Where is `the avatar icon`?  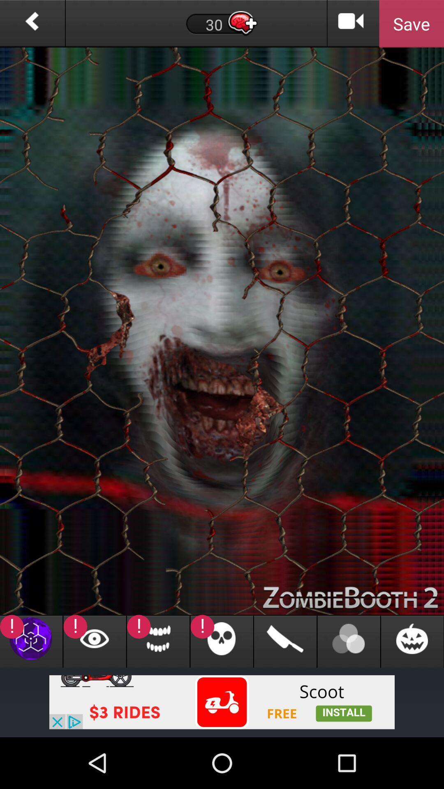 the avatar icon is located at coordinates (349, 686).